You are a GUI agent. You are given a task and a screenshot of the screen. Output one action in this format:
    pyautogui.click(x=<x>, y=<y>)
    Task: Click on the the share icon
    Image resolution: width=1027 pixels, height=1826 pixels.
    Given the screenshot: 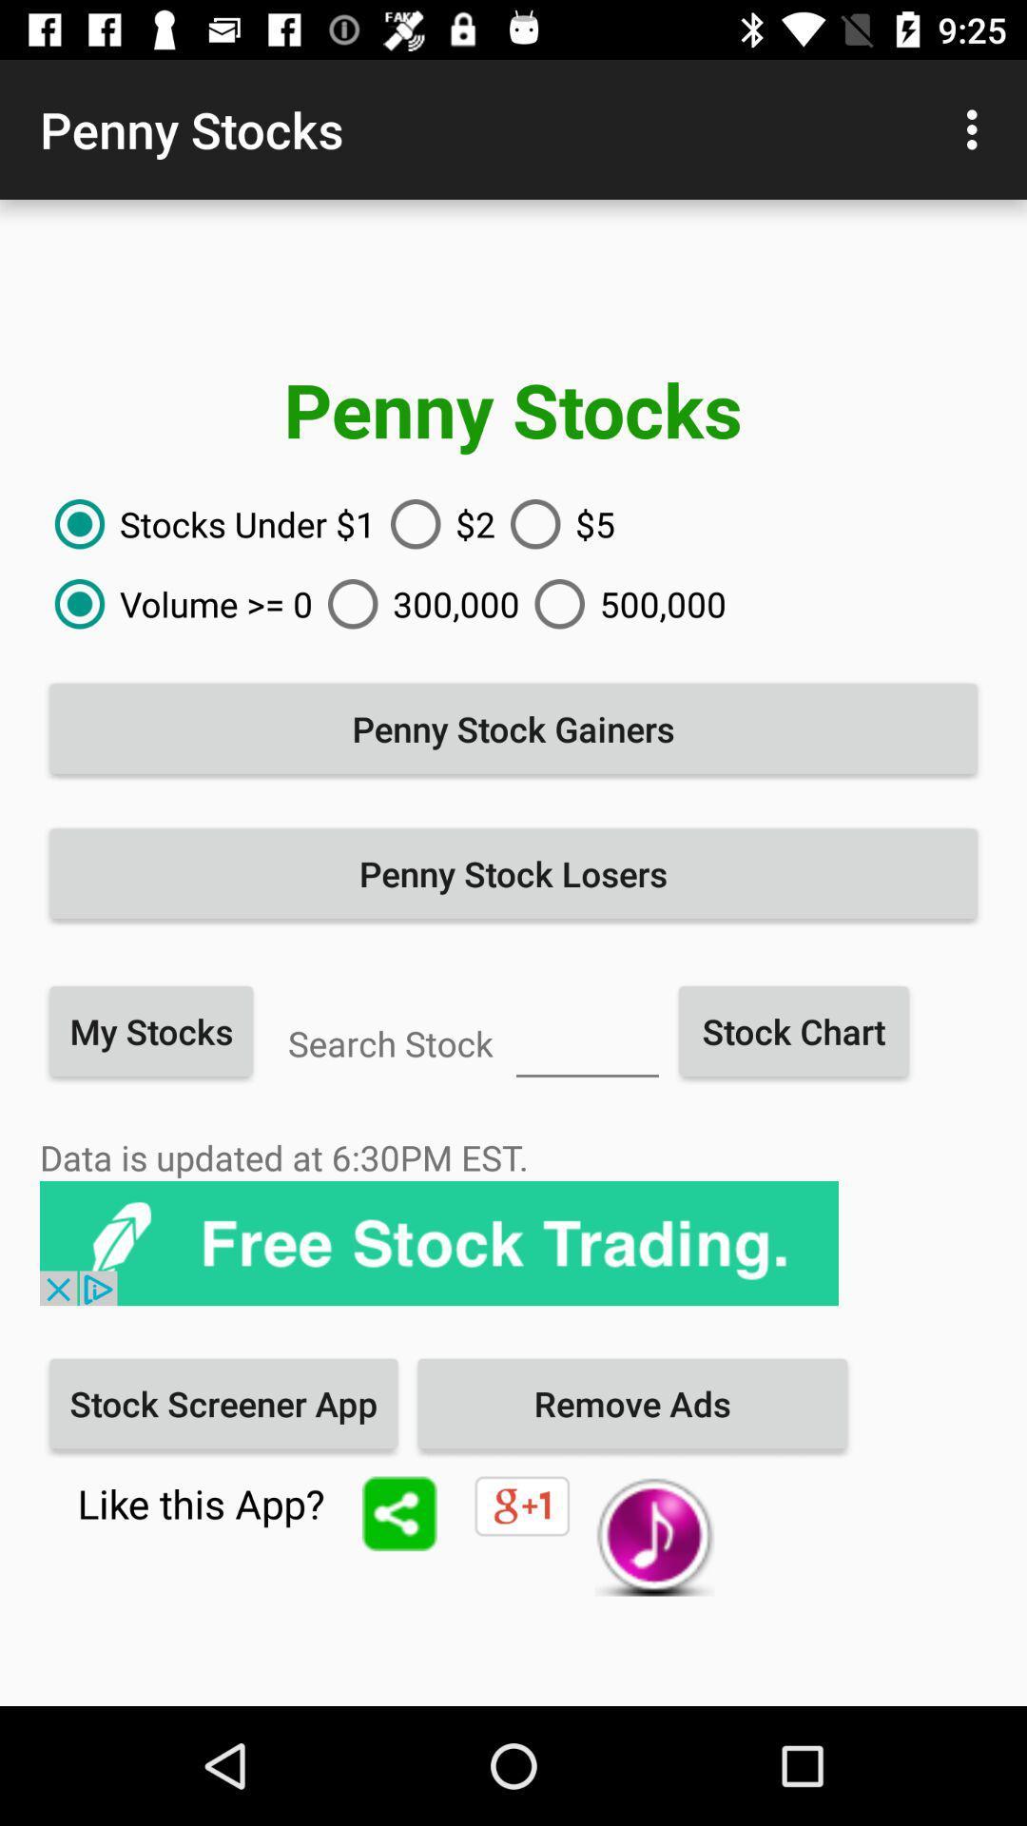 What is the action you would take?
    pyautogui.click(x=398, y=1512)
    